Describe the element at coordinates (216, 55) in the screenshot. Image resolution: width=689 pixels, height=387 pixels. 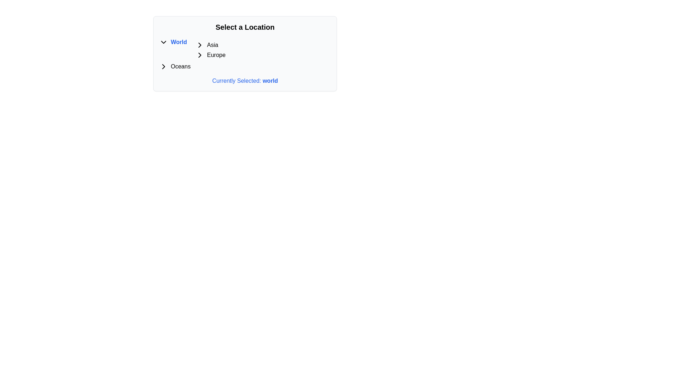
I see `the 'Europe' button, which is styled as a button in black font and positioned under the 'World' category in a structured list` at that location.